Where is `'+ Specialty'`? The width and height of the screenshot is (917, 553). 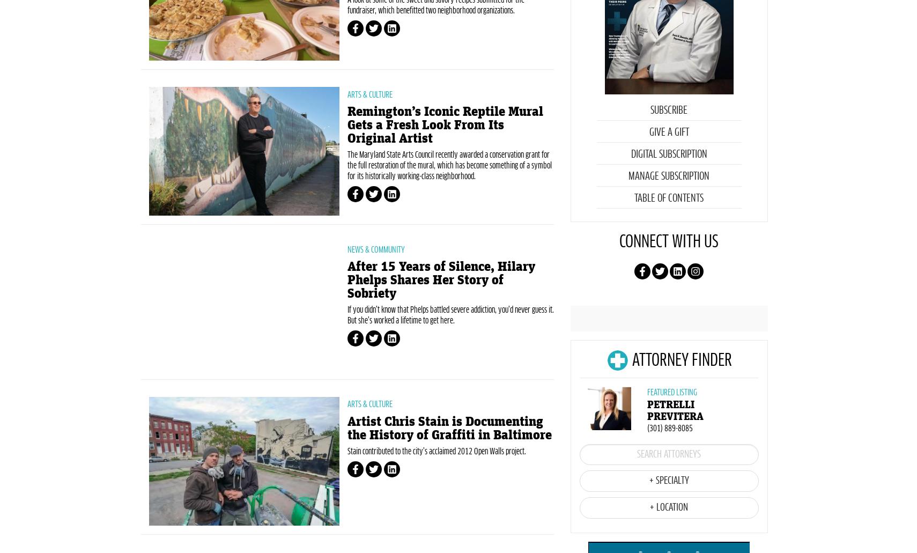 '+ Specialty' is located at coordinates (668, 531).